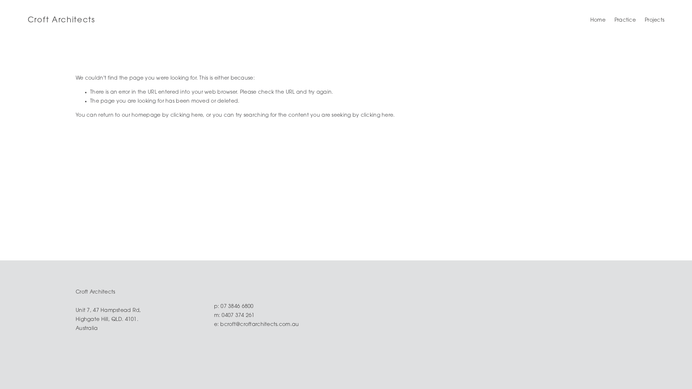 This screenshot has width=692, height=389. What do you see at coordinates (598, 20) in the screenshot?
I see `'Home'` at bounding box center [598, 20].